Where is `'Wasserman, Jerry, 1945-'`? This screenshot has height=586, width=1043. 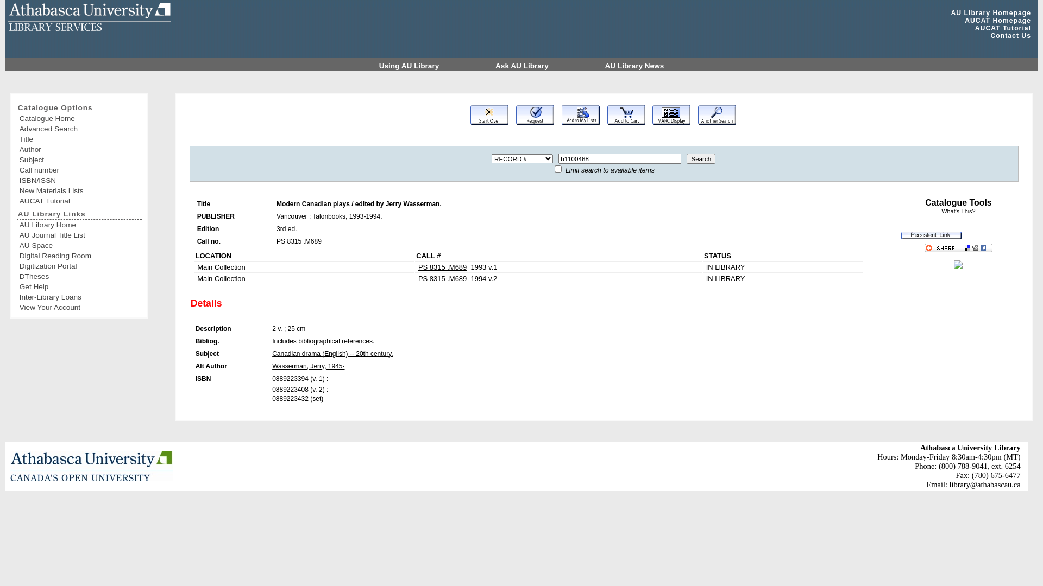
'Wasserman, Jerry, 1945-' is located at coordinates (307, 366).